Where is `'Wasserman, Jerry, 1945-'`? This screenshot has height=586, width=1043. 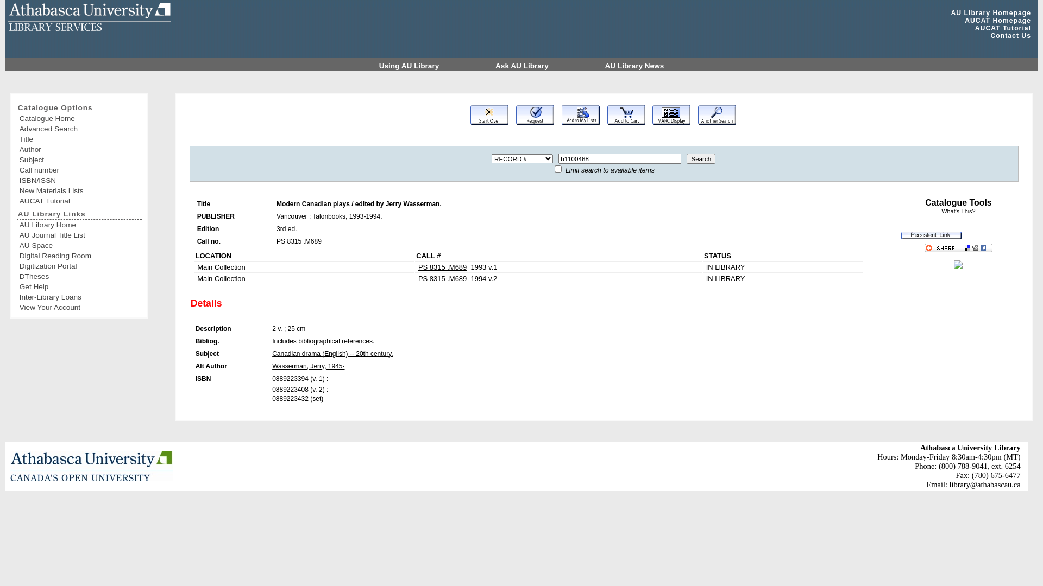
'Wasserman, Jerry, 1945-' is located at coordinates (307, 366).